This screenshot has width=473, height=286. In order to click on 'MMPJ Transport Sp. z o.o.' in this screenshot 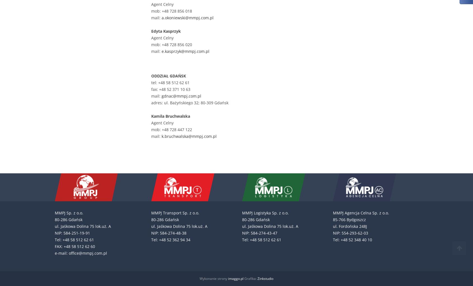, I will do `click(175, 212)`.